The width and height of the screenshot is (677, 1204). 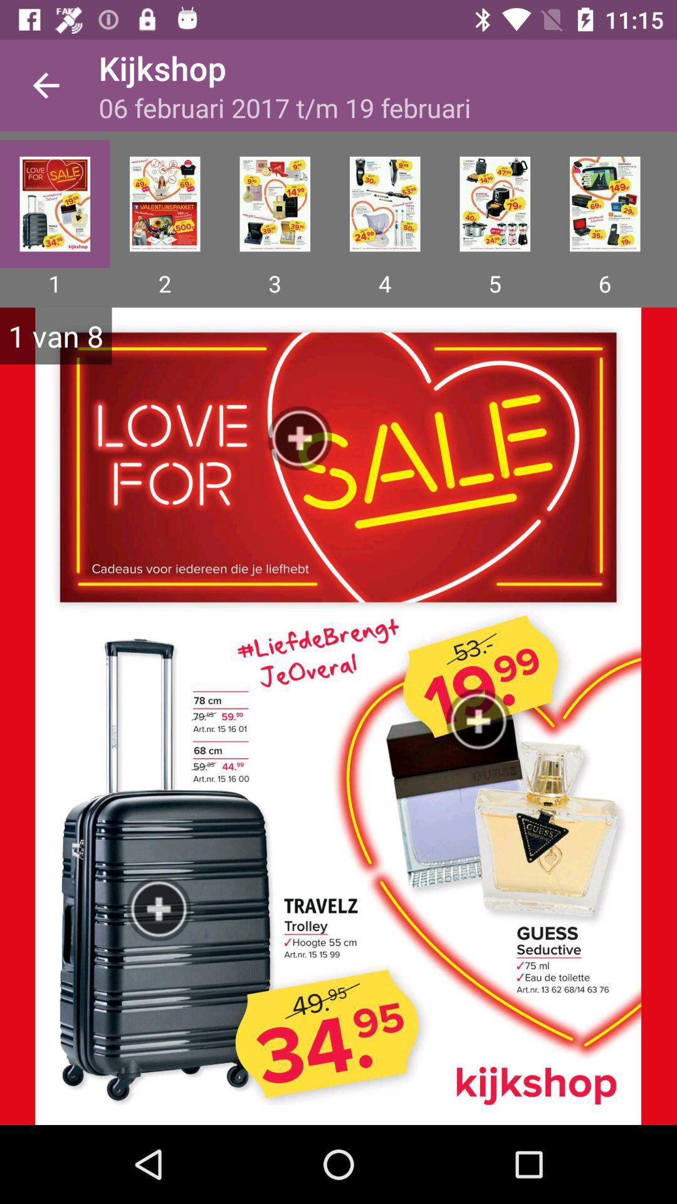 I want to click on that page, so click(x=274, y=204).